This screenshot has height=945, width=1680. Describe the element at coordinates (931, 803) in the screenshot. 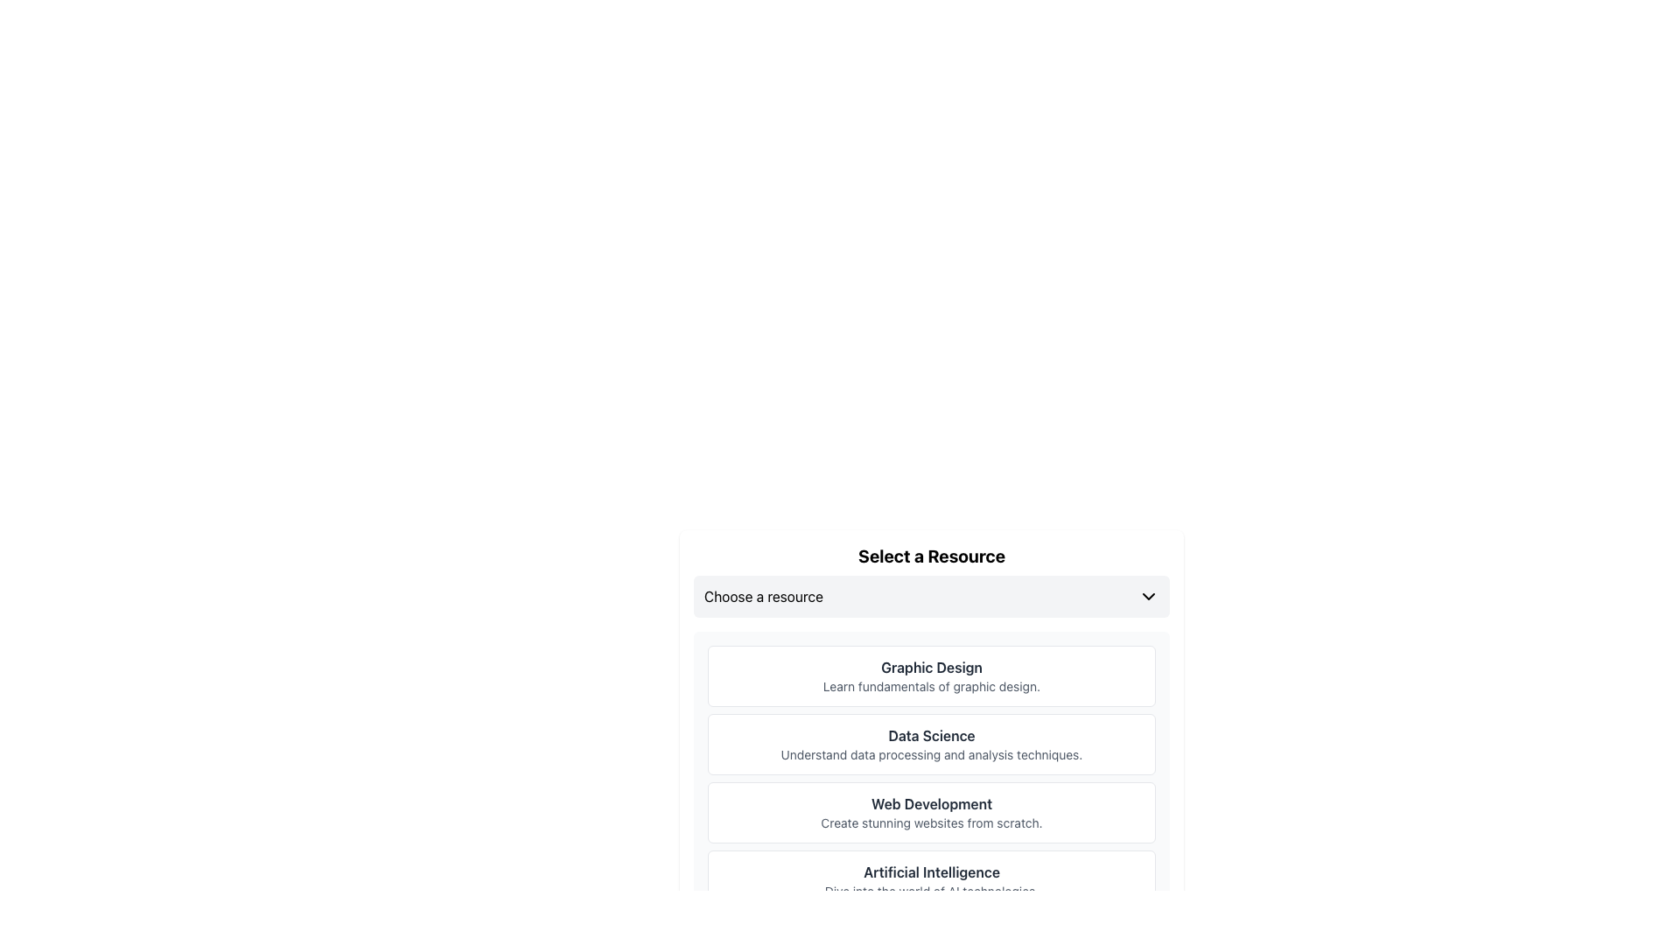

I see `'Web Development' text label, which is styled in bold dark gray and is prominently positioned as a title above a smaller descriptive text within a bordered rectangular section` at that location.